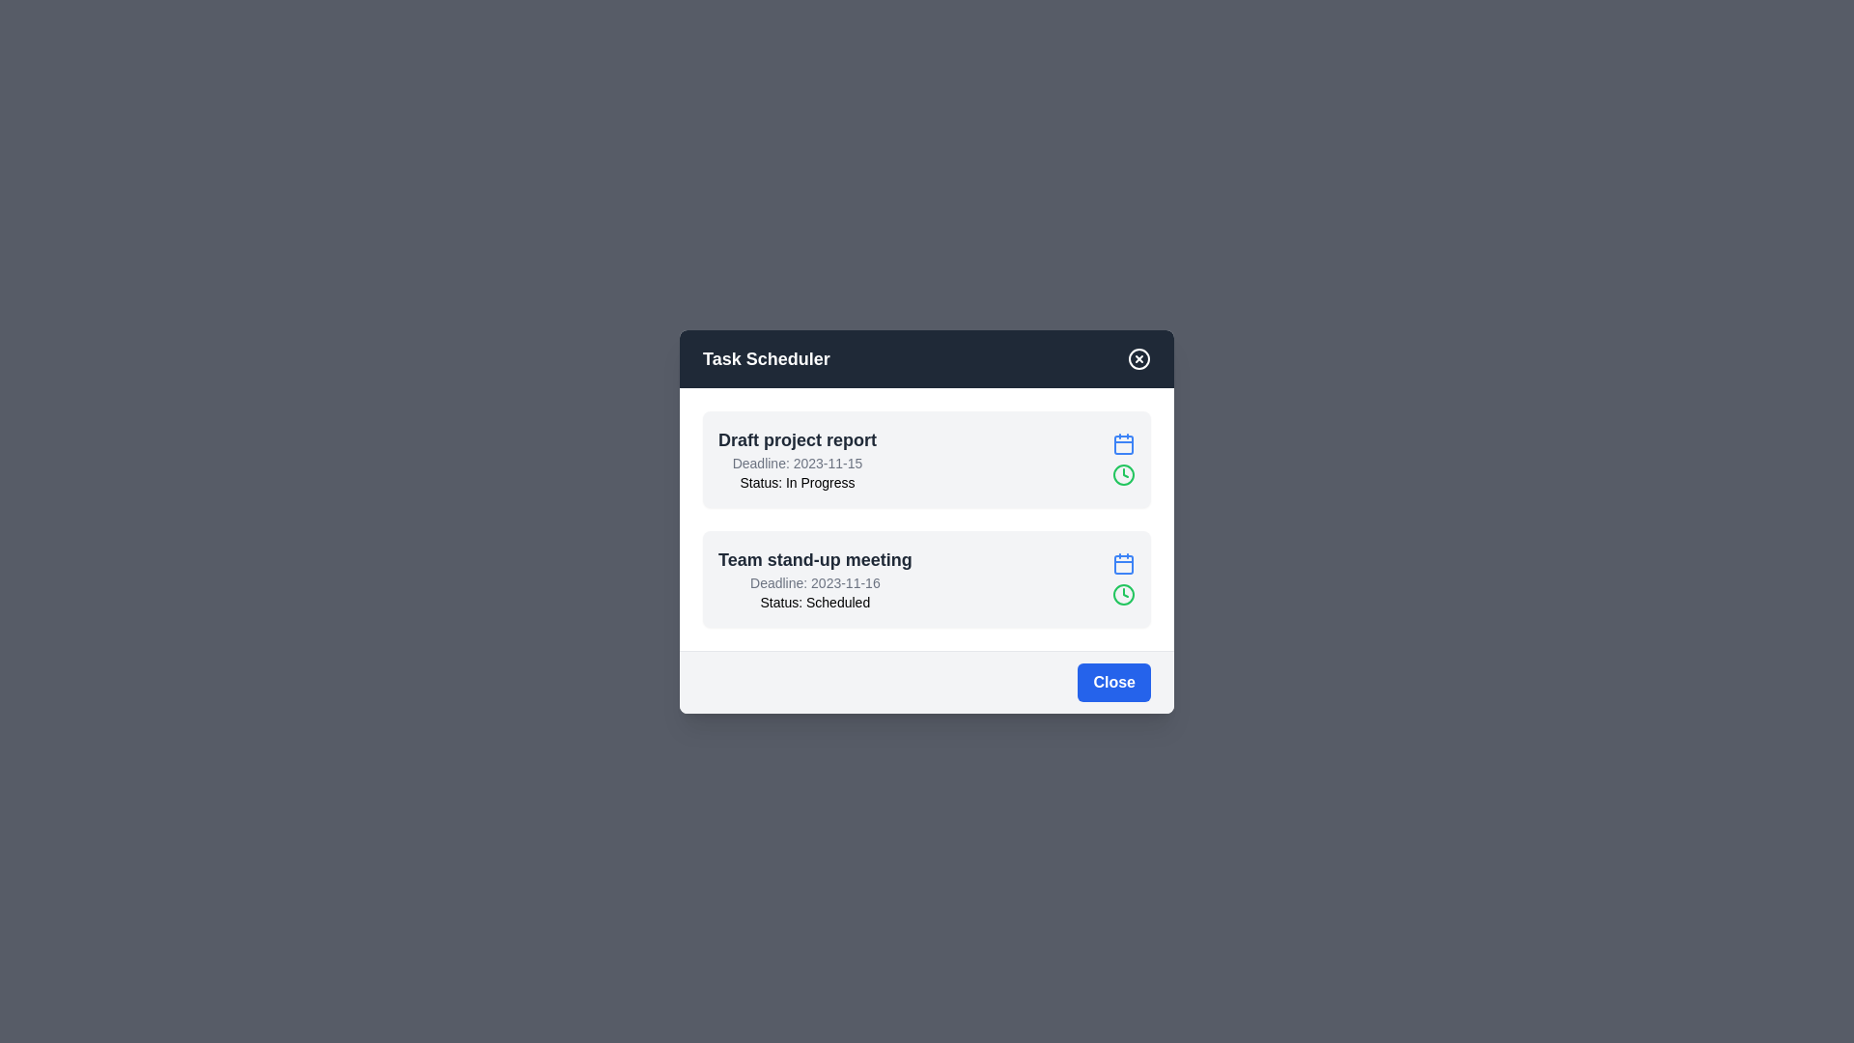  What do you see at coordinates (1123, 563) in the screenshot?
I see `the calendar icon for the task Team stand-up meeting` at bounding box center [1123, 563].